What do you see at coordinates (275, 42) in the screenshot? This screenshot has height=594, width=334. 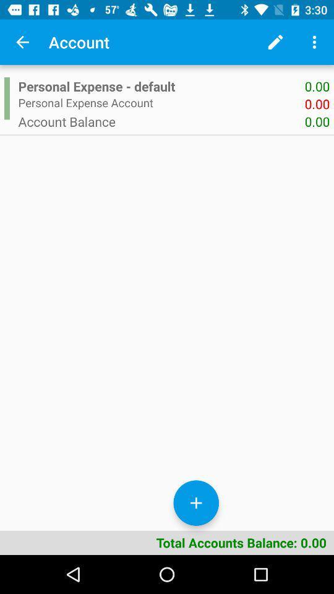 I see `the item next to account app` at bounding box center [275, 42].